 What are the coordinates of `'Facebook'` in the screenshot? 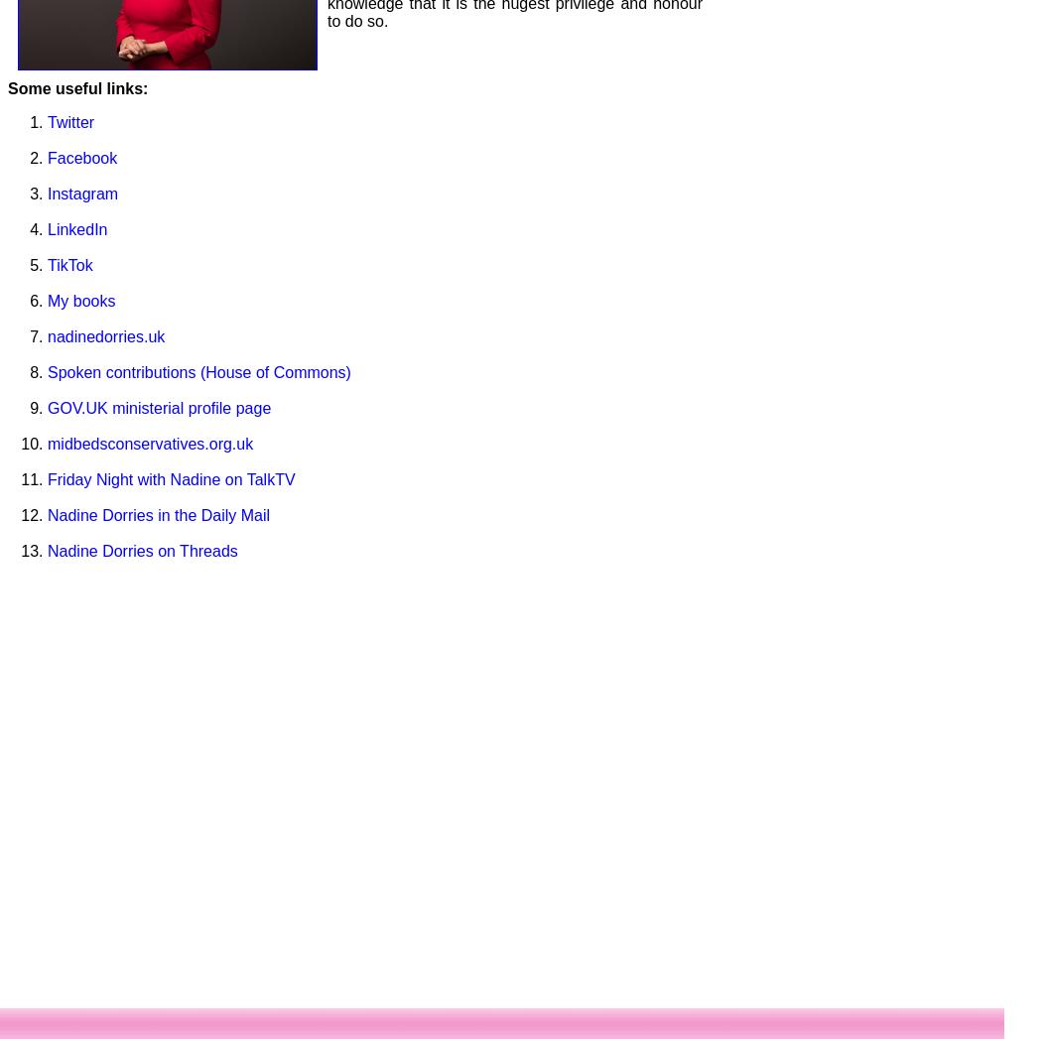 It's located at (48, 157).